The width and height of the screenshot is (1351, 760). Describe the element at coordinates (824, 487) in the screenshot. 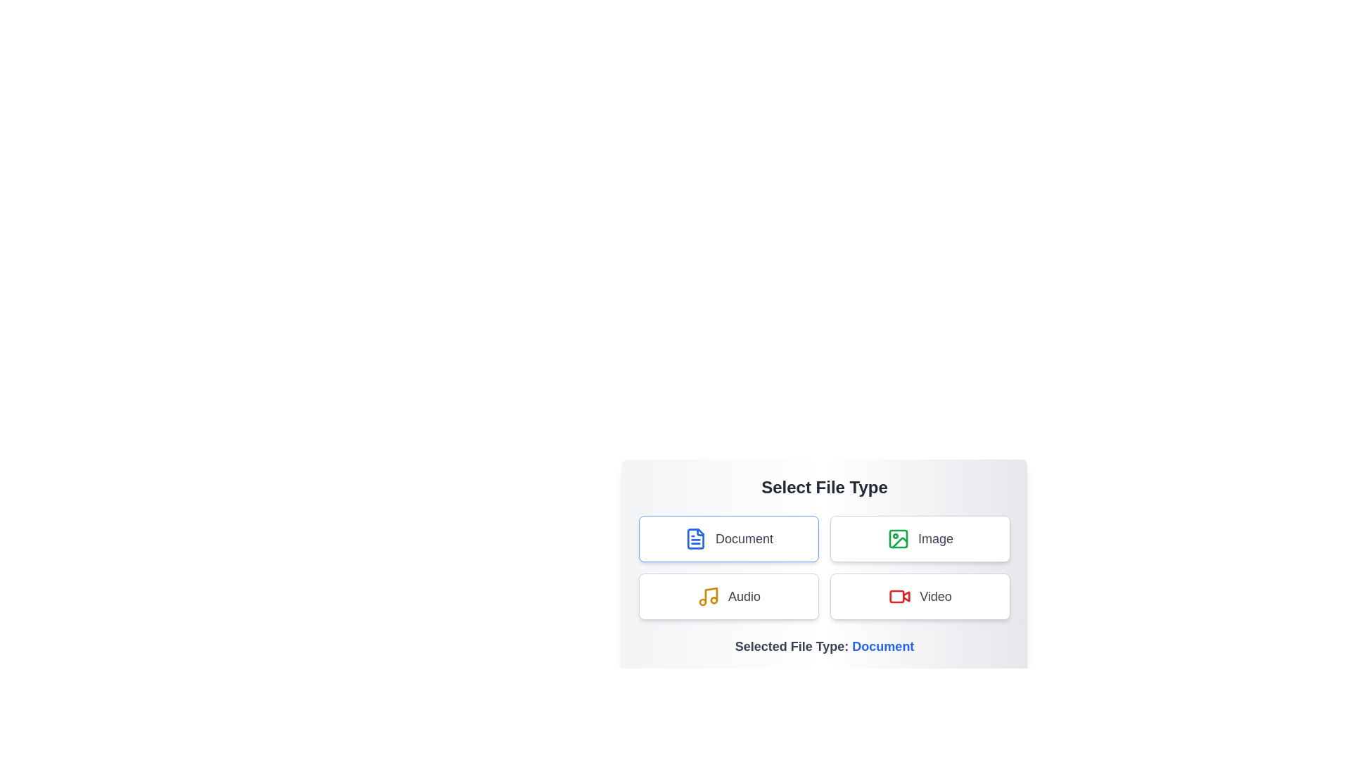

I see `the Text header that indicates the purpose of the section for selecting a file type, located near the top of the panel above the grid of options` at that location.